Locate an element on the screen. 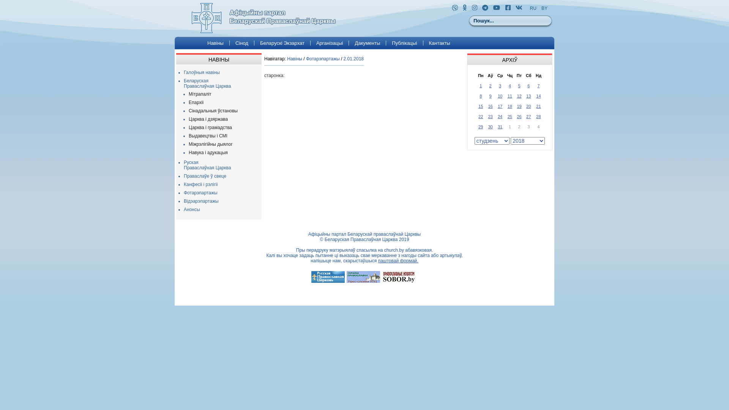 The height and width of the screenshot is (410, 729). '15' is located at coordinates (480, 106).